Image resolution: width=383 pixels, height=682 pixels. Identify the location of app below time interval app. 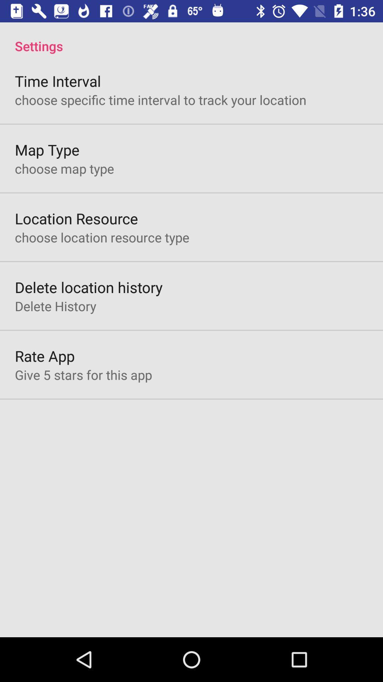
(160, 99).